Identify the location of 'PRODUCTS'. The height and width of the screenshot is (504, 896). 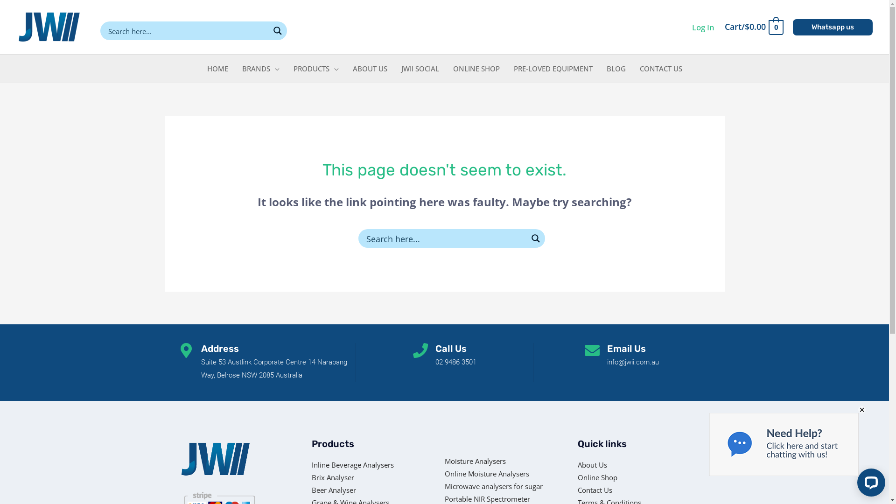
(316, 68).